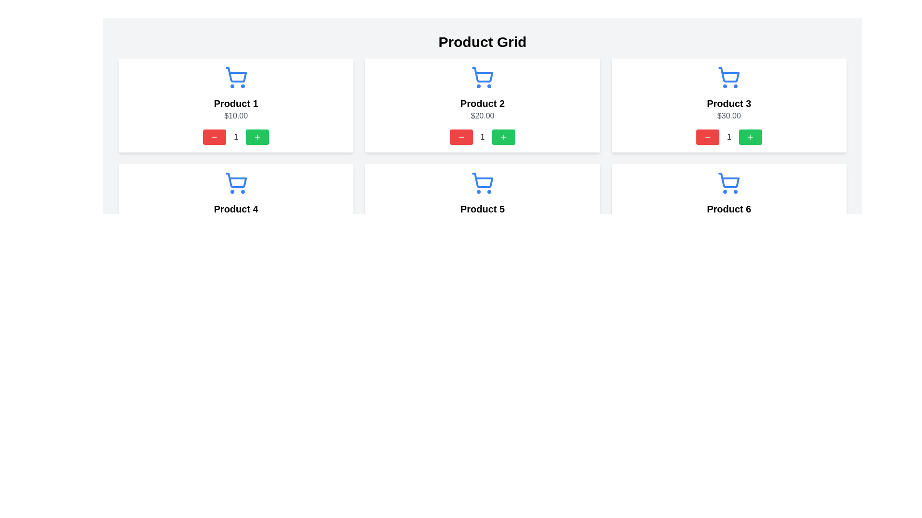 Image resolution: width=922 pixels, height=518 pixels. Describe the element at coordinates (236, 116) in the screenshot. I see `the static text label displaying the price '$10.00' located beneath 'Product 1' in the first product card of the grid` at that location.